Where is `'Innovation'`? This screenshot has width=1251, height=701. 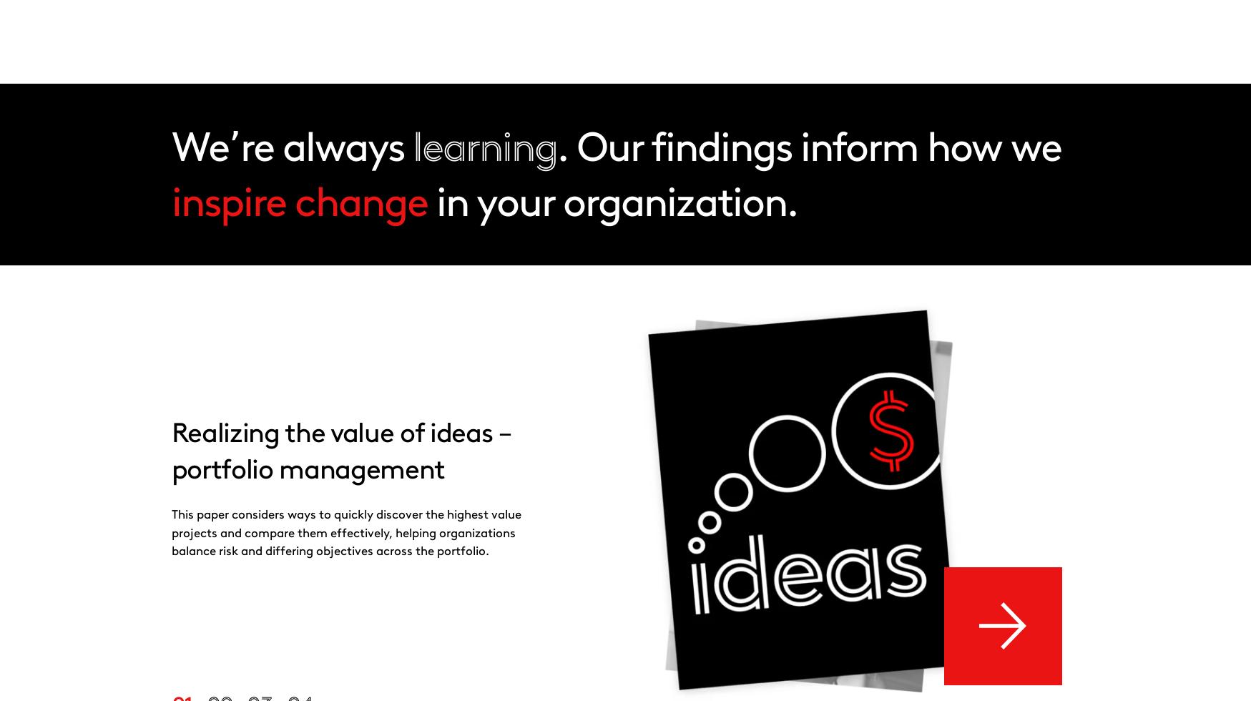 'Innovation' is located at coordinates (541, 6).